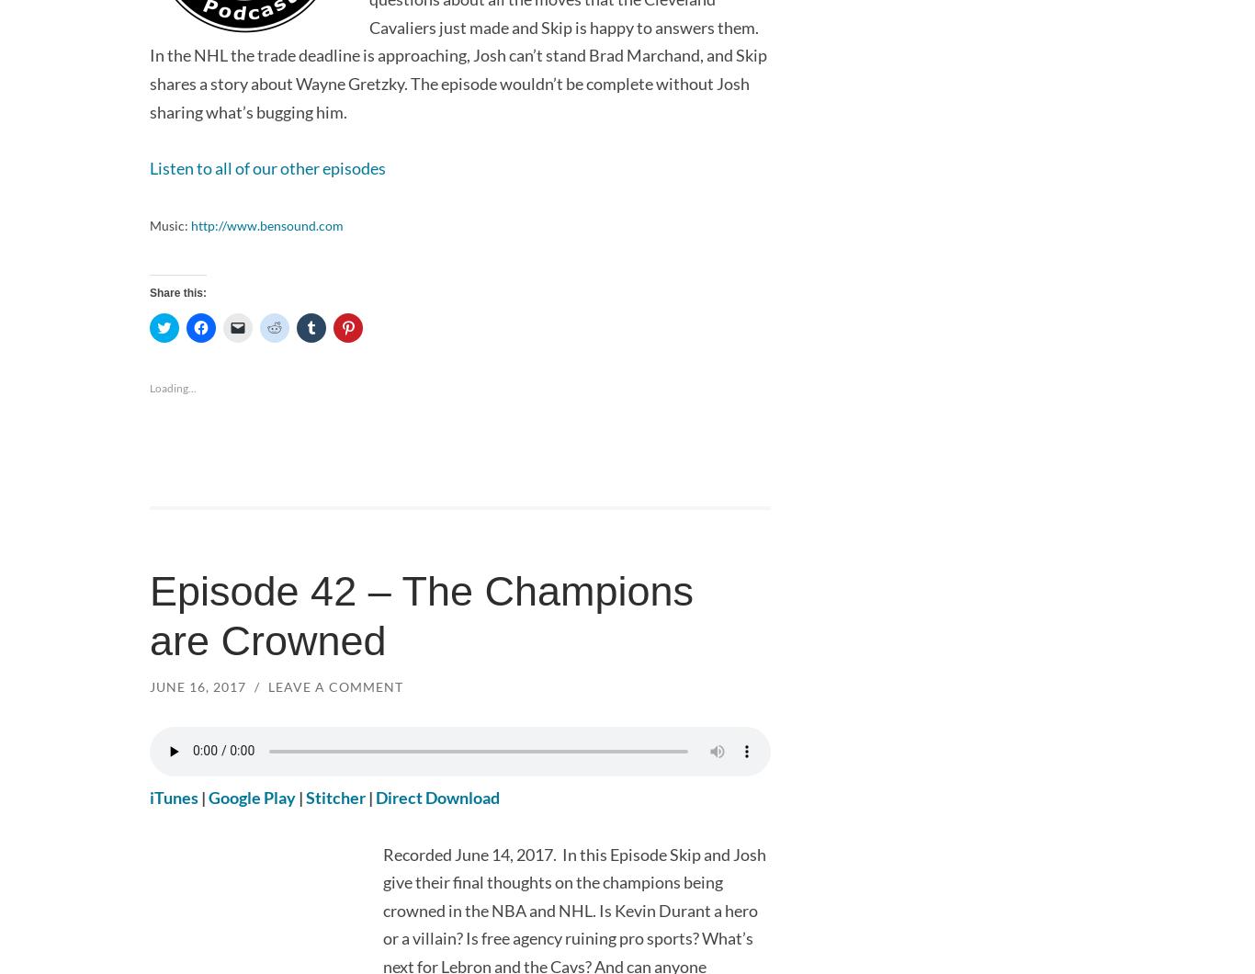  Describe the element at coordinates (267, 166) in the screenshot. I see `'Listen to all of our other episodes'` at that location.